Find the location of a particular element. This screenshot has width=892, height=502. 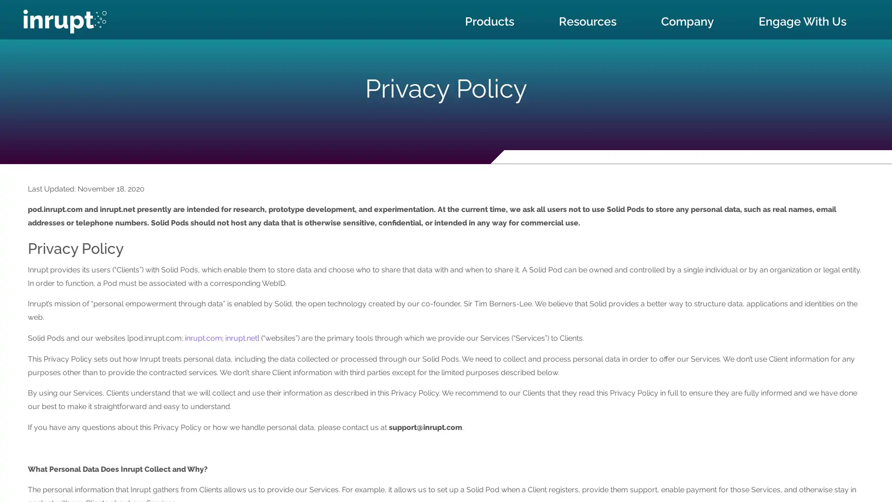

Engage With Us is located at coordinates (802, 21).